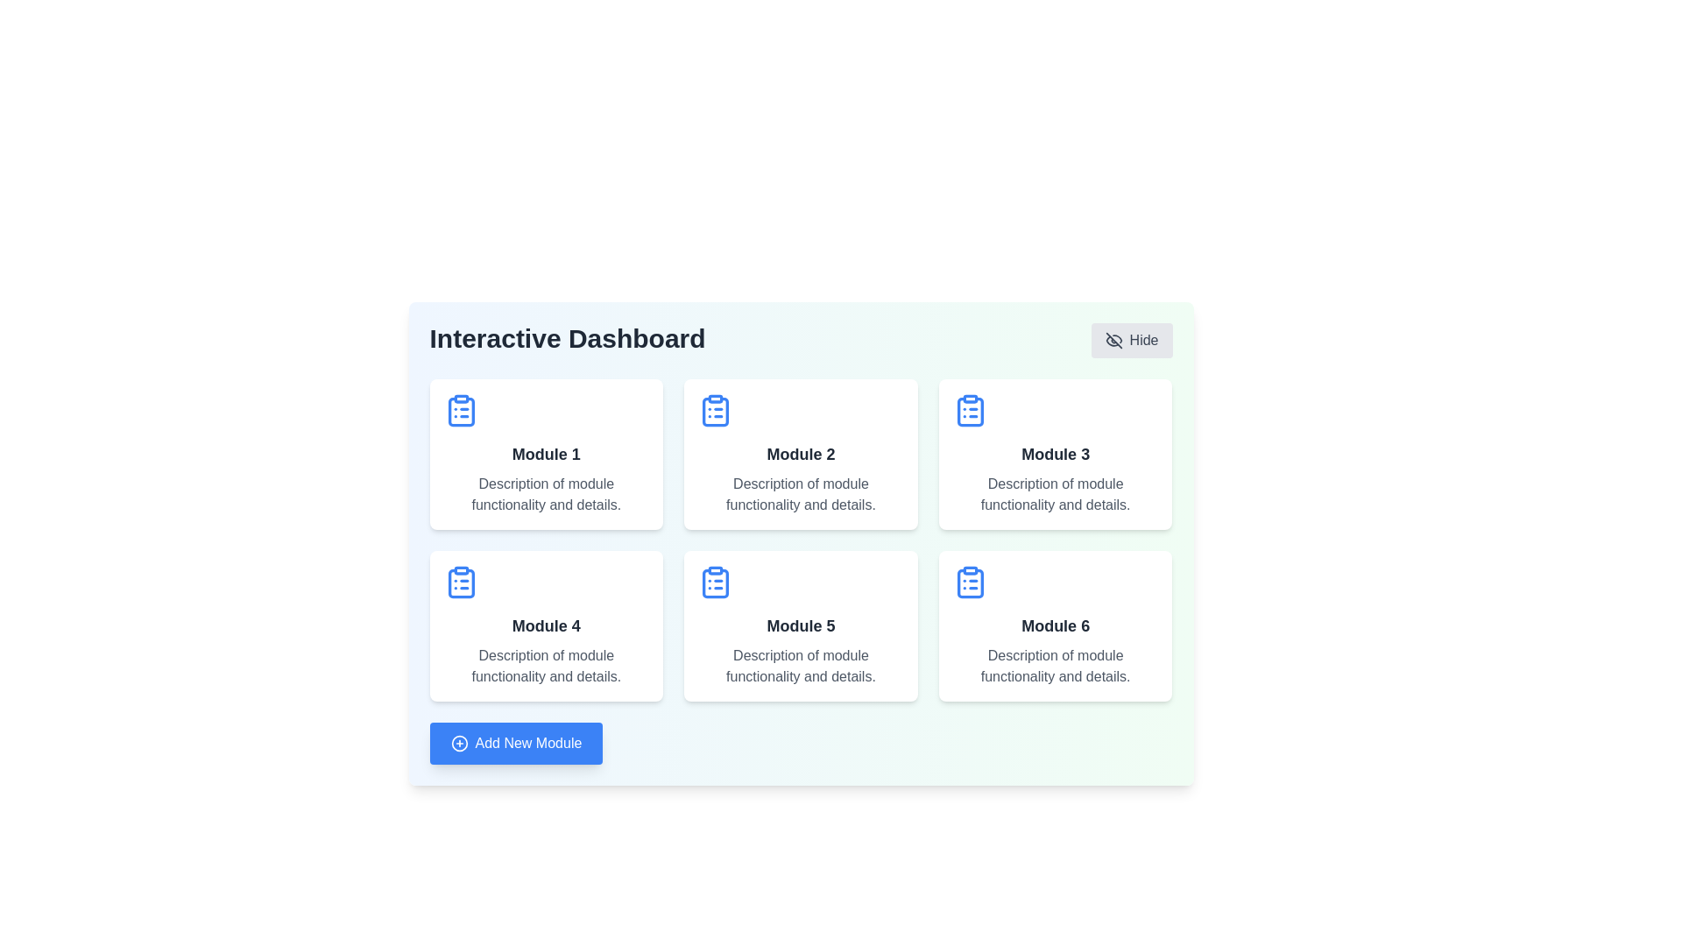  I want to click on gray-colored text labeled 'Description of module functionality and details.' located in the fifth module card of the interactive dashboard layout, so click(800, 666).